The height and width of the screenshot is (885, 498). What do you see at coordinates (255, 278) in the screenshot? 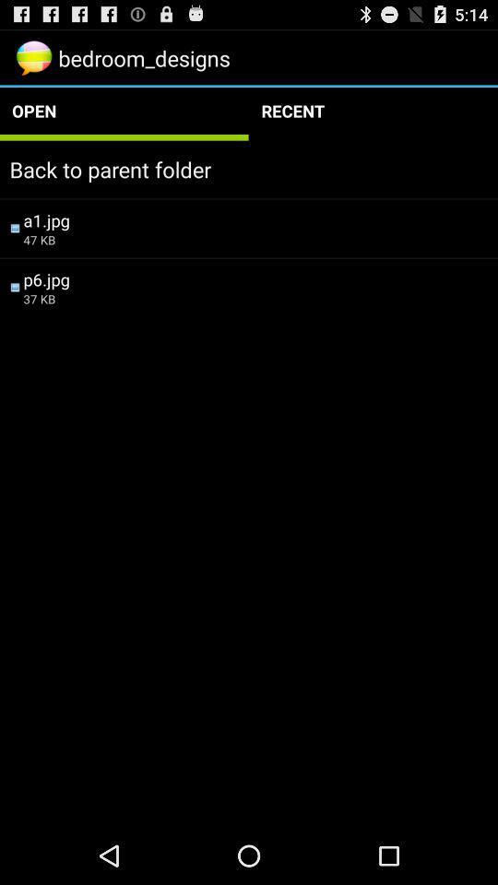
I see `the p6.jpg` at bounding box center [255, 278].